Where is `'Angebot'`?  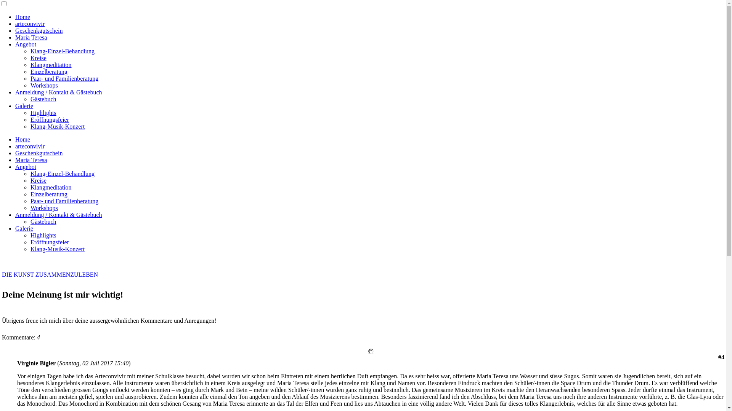
'Angebot' is located at coordinates (26, 44).